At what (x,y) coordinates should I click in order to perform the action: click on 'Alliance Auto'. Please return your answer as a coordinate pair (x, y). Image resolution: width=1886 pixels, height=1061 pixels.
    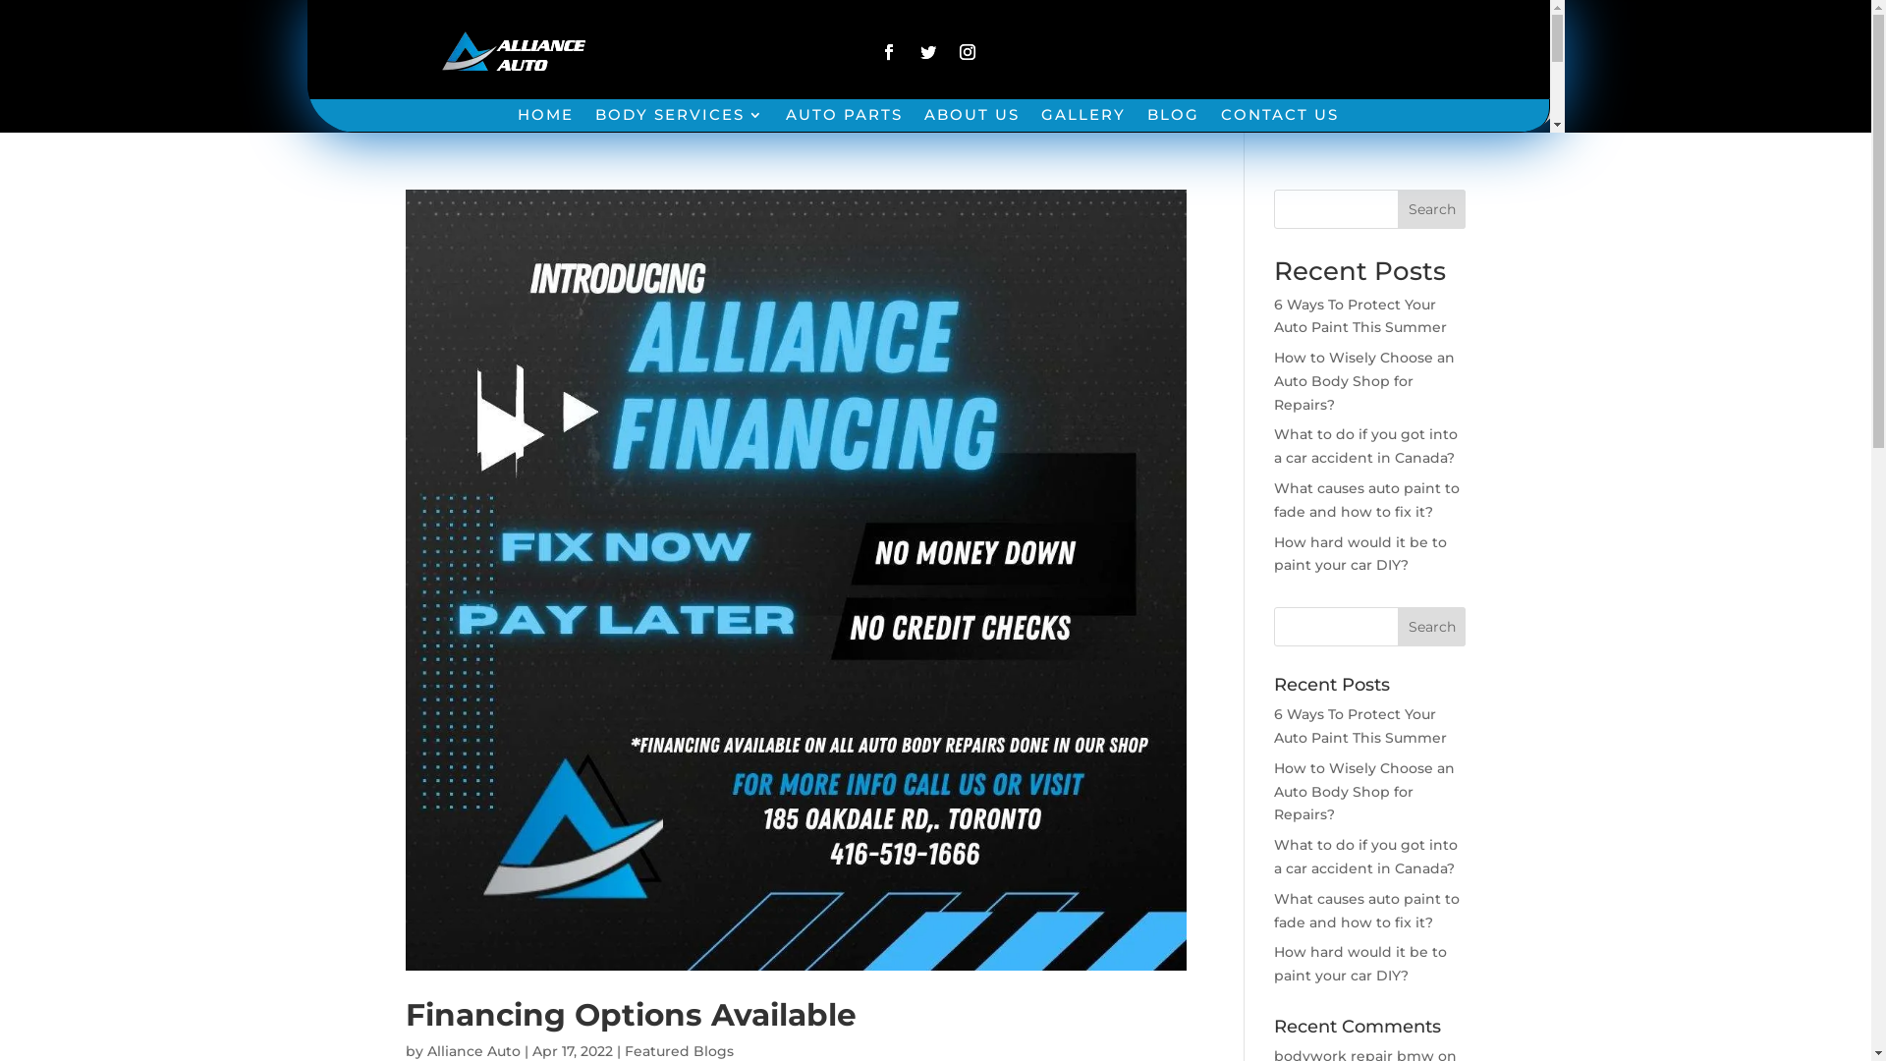
    Looking at the image, I should click on (472, 1049).